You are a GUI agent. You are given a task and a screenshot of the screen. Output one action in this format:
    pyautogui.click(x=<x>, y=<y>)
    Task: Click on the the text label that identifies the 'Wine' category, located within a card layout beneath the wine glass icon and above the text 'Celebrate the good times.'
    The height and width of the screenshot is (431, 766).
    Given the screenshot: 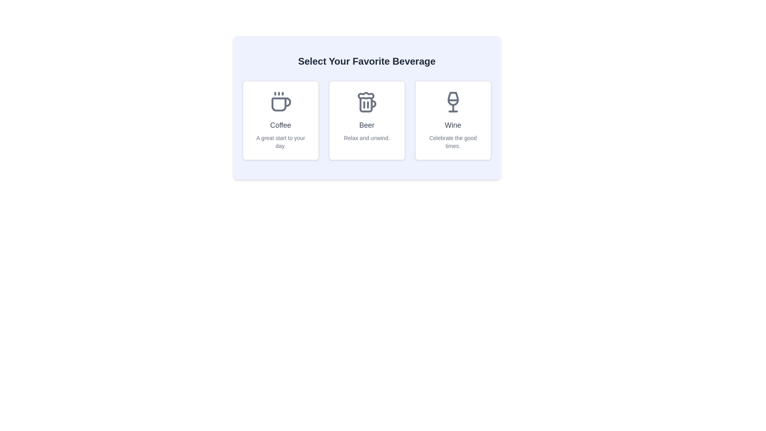 What is the action you would take?
    pyautogui.click(x=453, y=125)
    